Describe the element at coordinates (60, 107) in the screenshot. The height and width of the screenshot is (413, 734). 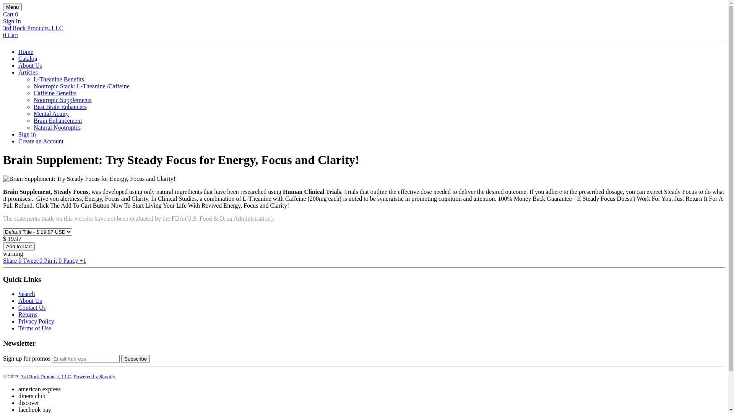
I see `'Best Brain Enhancers'` at that location.